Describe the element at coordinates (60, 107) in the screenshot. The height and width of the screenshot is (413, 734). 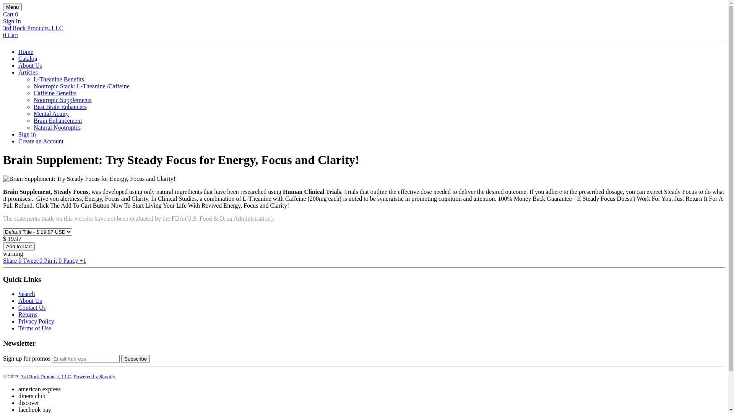
I see `'Best Brain Enhancers'` at that location.